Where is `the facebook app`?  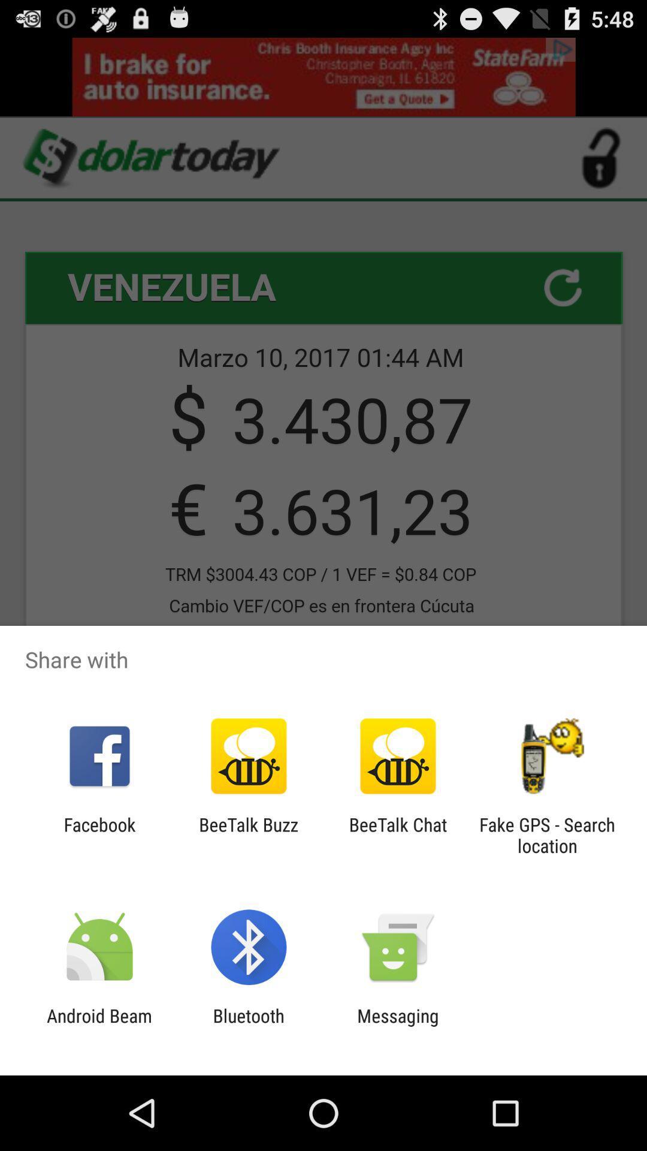
the facebook app is located at coordinates (99, 834).